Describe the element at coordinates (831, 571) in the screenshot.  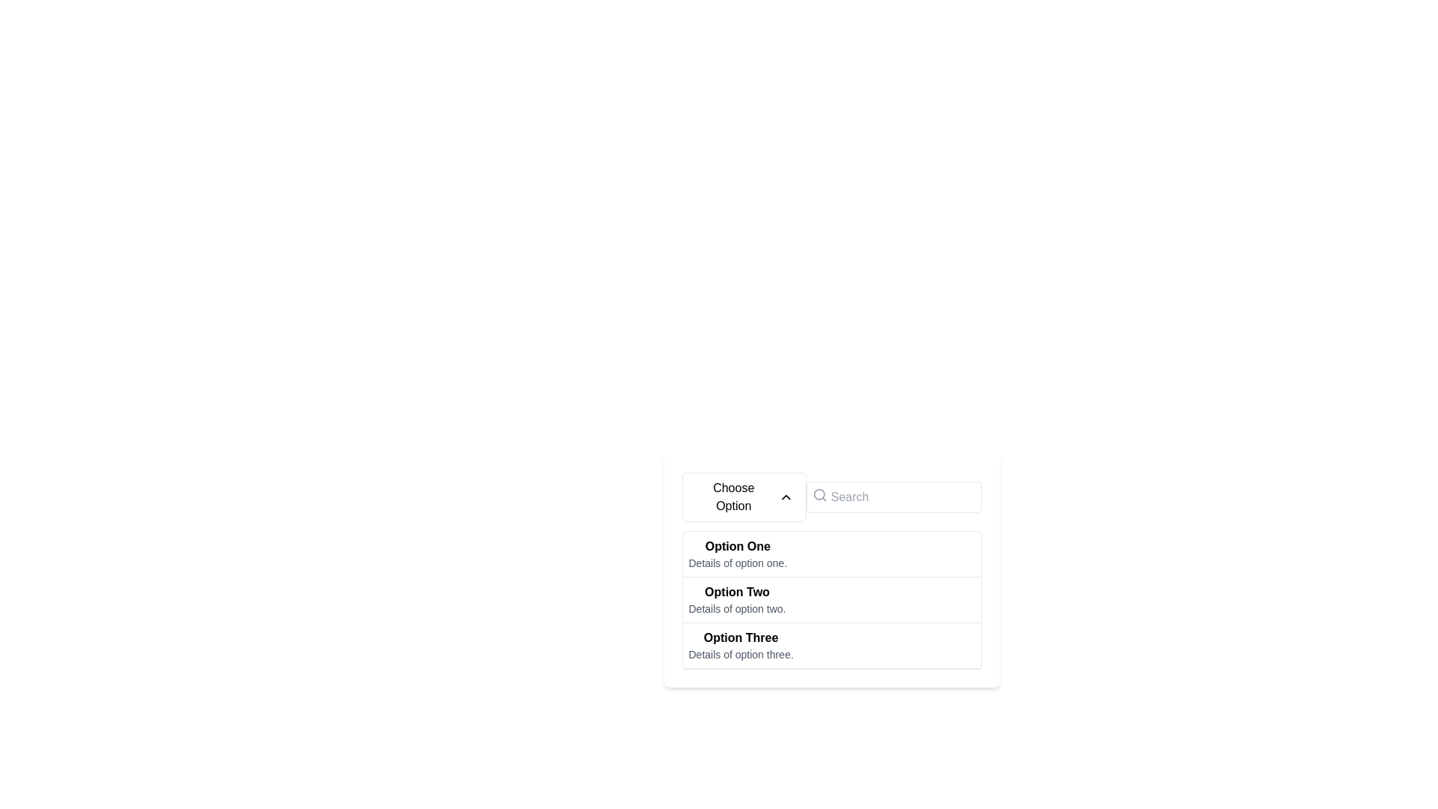
I see `the dropdown menu` at that location.